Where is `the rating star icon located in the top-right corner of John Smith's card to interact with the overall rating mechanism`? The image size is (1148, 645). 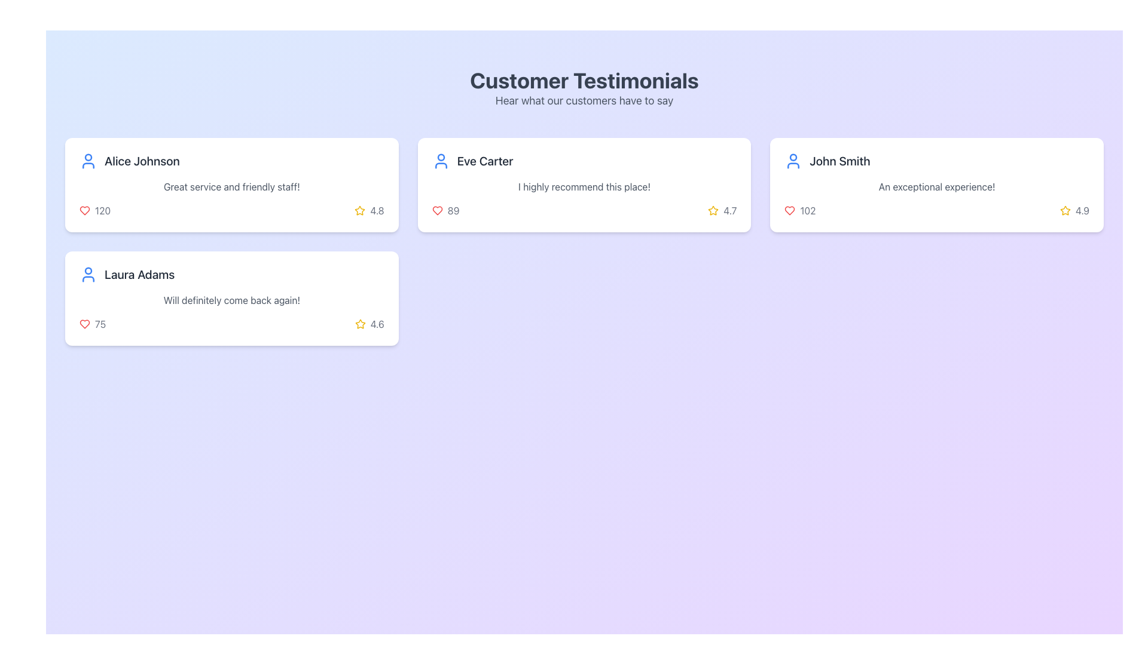
the rating star icon located in the top-right corner of John Smith's card to interact with the overall rating mechanism is located at coordinates (1065, 210).